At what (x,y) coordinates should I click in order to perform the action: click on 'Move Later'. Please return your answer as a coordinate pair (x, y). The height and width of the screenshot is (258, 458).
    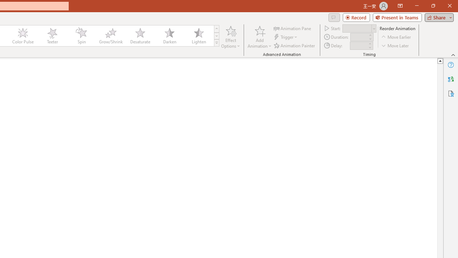
    Looking at the image, I should click on (395, 46).